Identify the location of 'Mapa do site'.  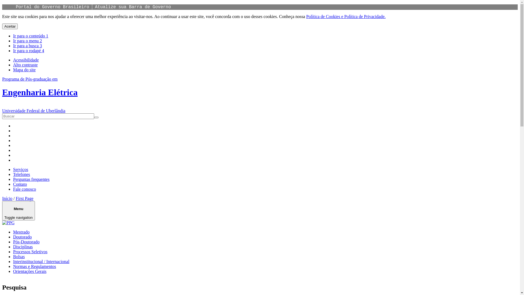
(24, 69).